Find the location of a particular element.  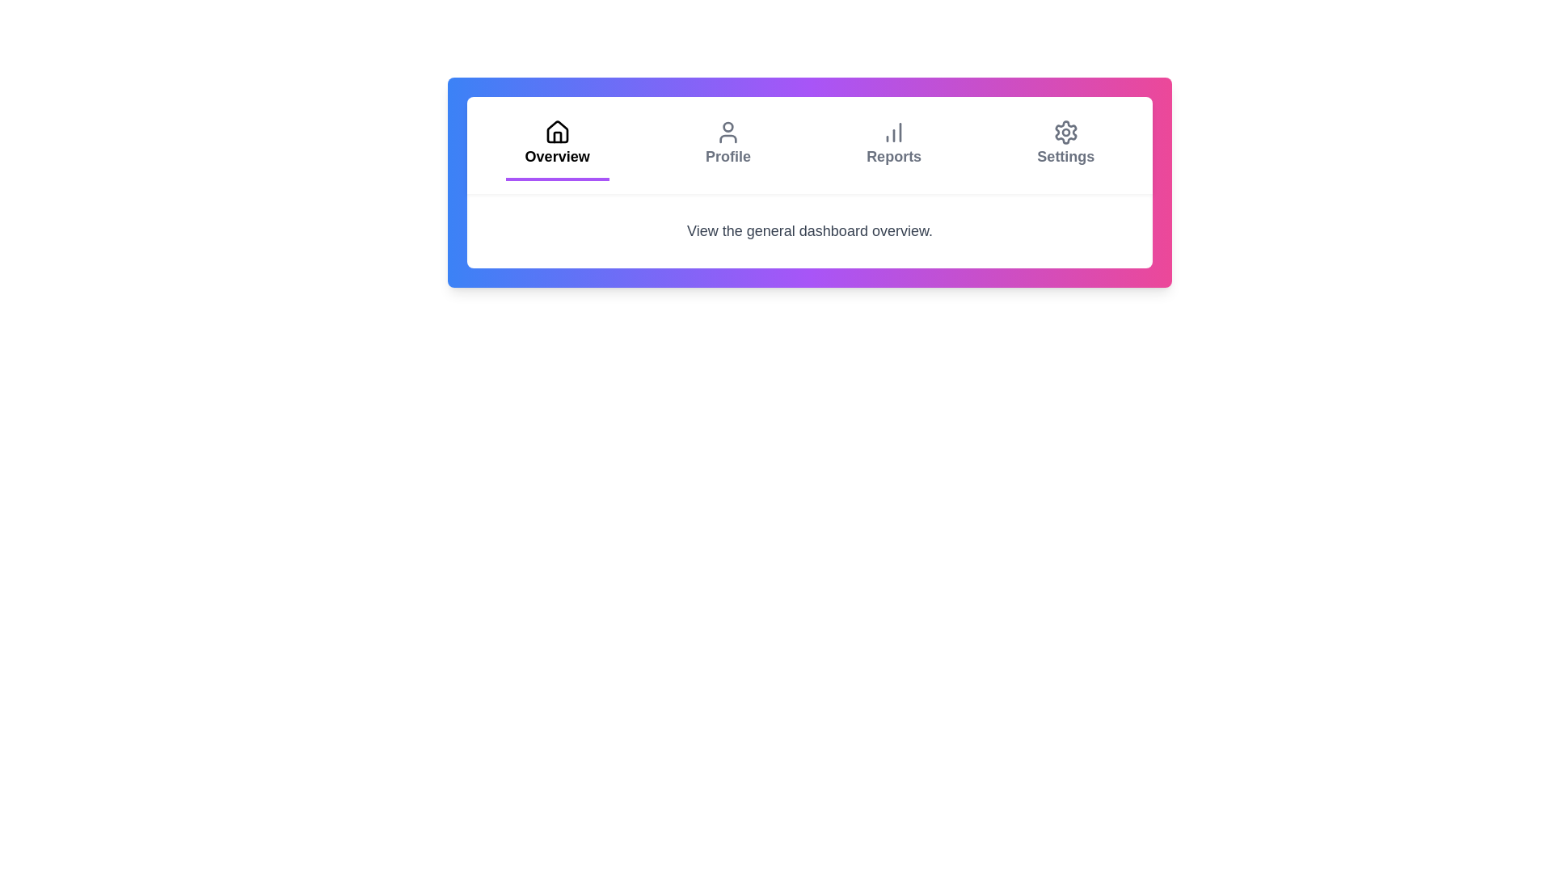

the decorative graphical icon representing the 'Overview' tab located in the bottom center of the house icon in the navigation bar is located at coordinates (557, 136).